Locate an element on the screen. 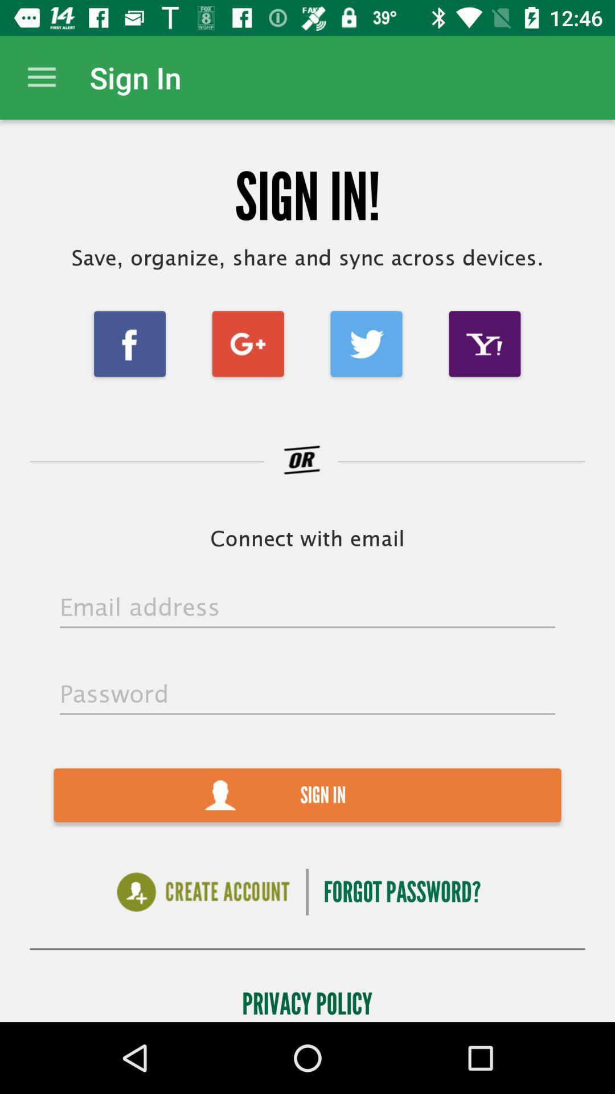  icon next to the sign in is located at coordinates (41, 77).